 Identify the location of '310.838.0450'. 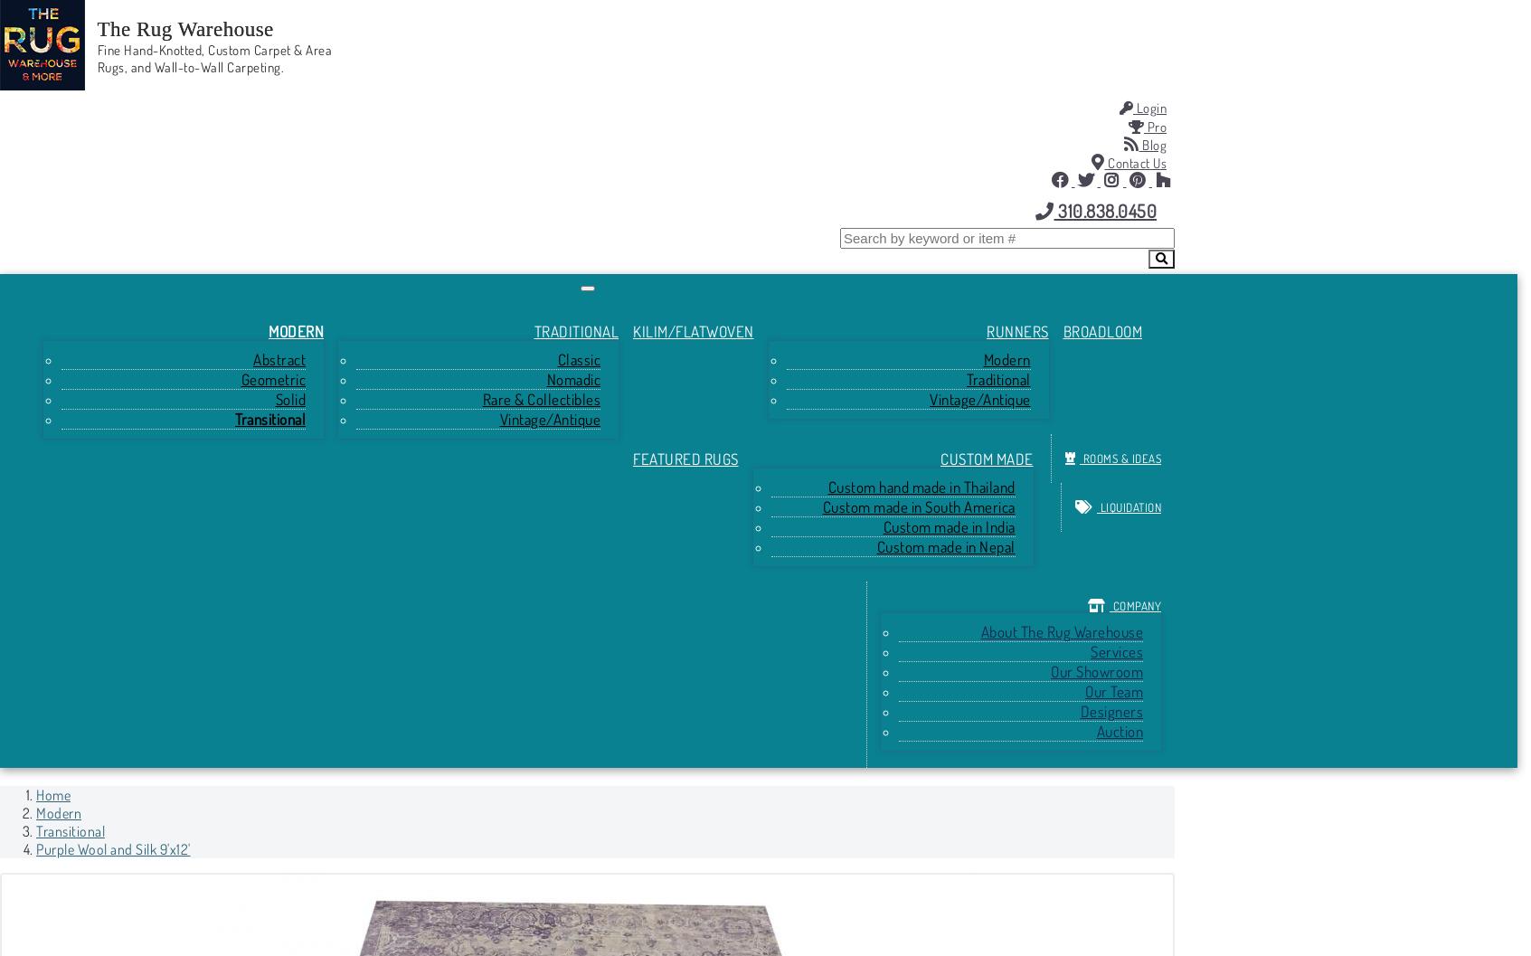
(1104, 209).